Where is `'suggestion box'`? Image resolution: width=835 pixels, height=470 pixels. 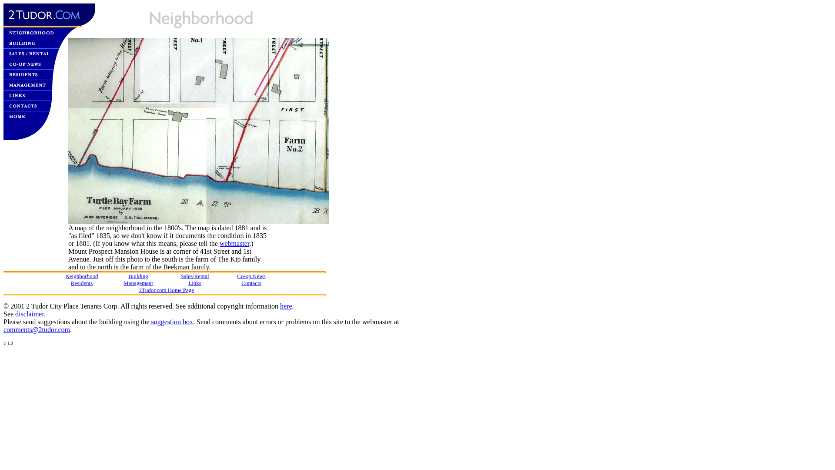
'suggestion box' is located at coordinates (172, 322).